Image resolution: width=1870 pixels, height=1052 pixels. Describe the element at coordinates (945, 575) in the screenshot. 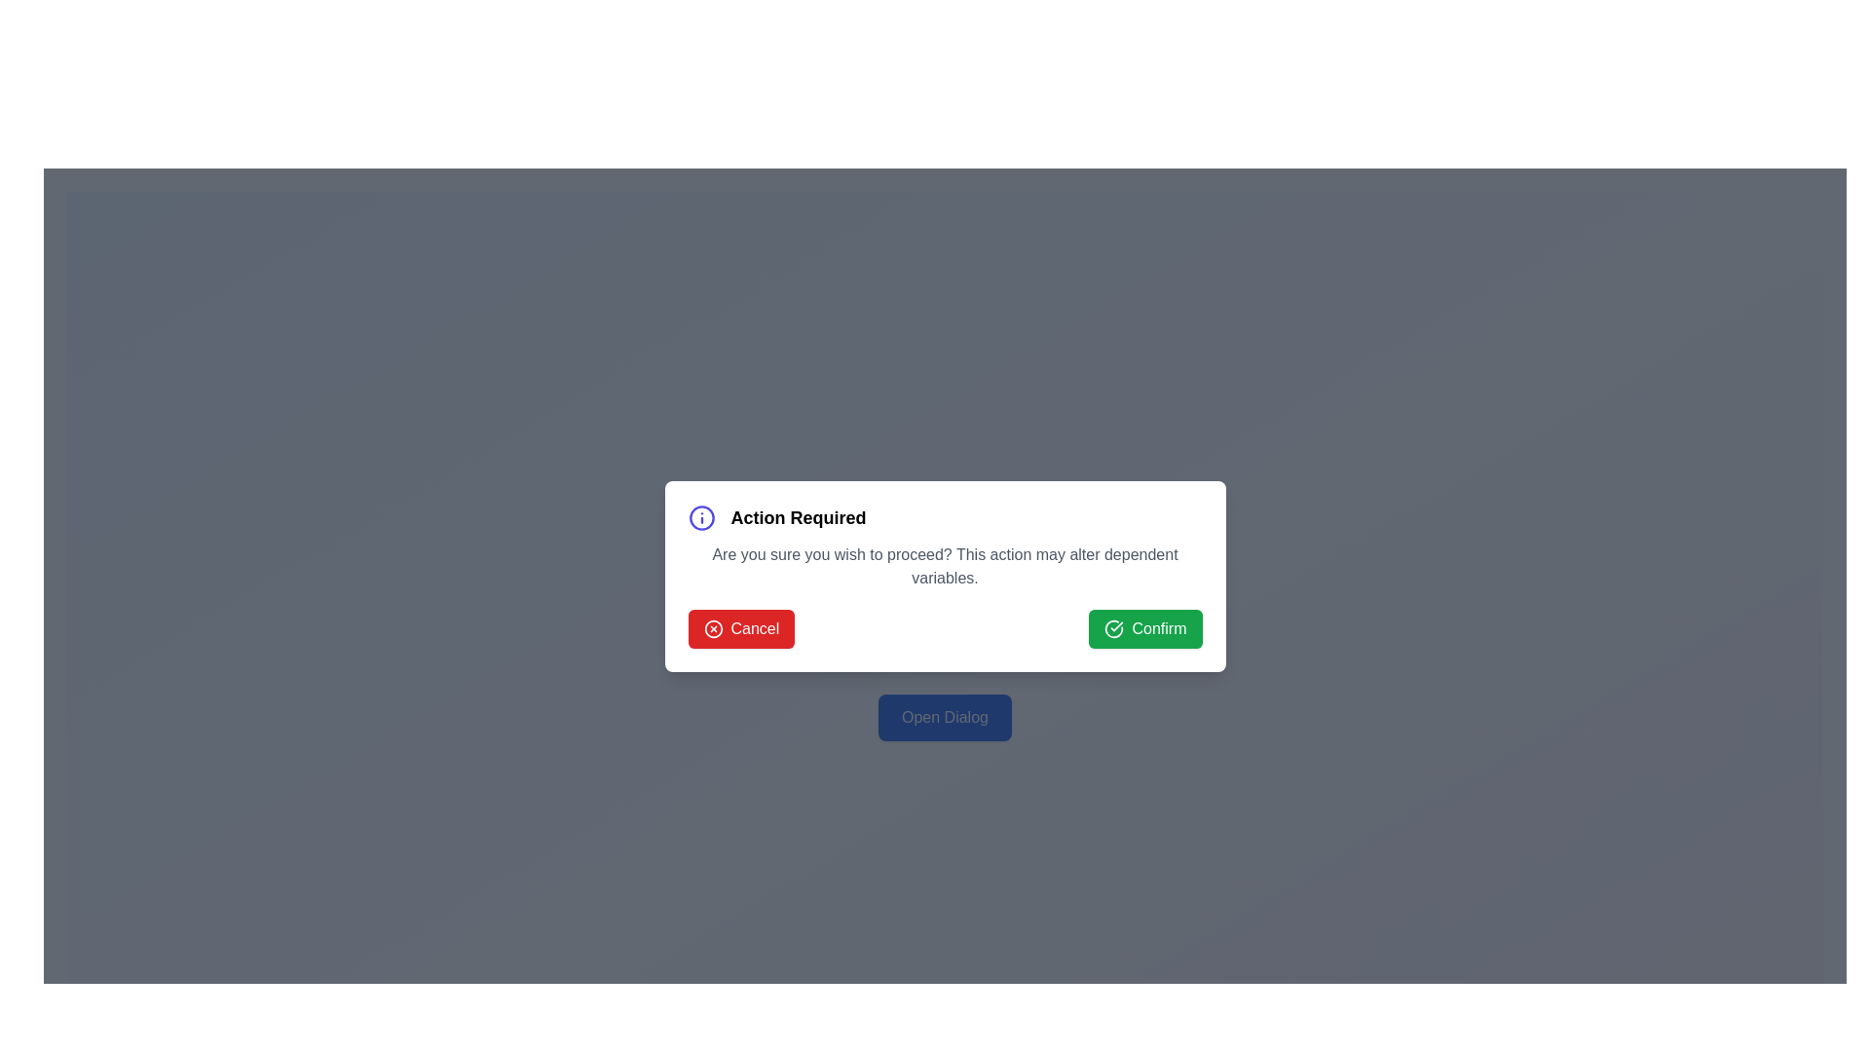

I see `title and content of the Modal Dialog Box titled 'Action Required', which contains the message 'Are you sure you wish to proceed? This action may alter dependent variables.'` at that location.